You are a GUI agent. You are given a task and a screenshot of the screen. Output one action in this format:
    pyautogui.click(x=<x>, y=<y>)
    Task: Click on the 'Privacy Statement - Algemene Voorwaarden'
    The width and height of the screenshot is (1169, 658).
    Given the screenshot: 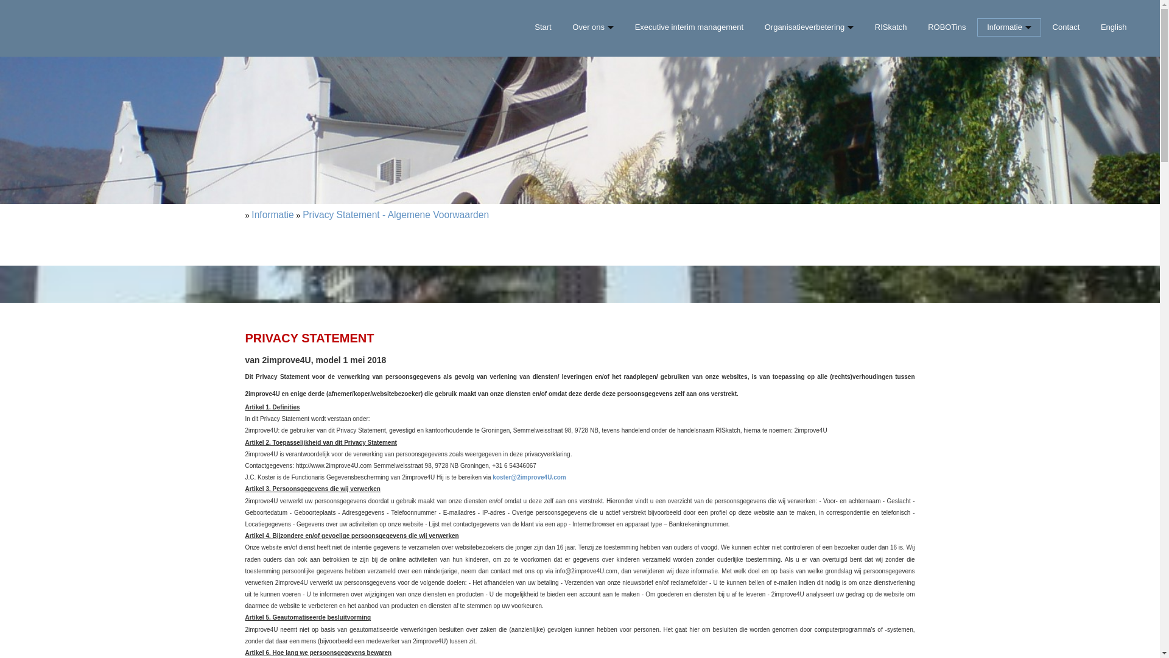 What is the action you would take?
    pyautogui.click(x=395, y=214)
    